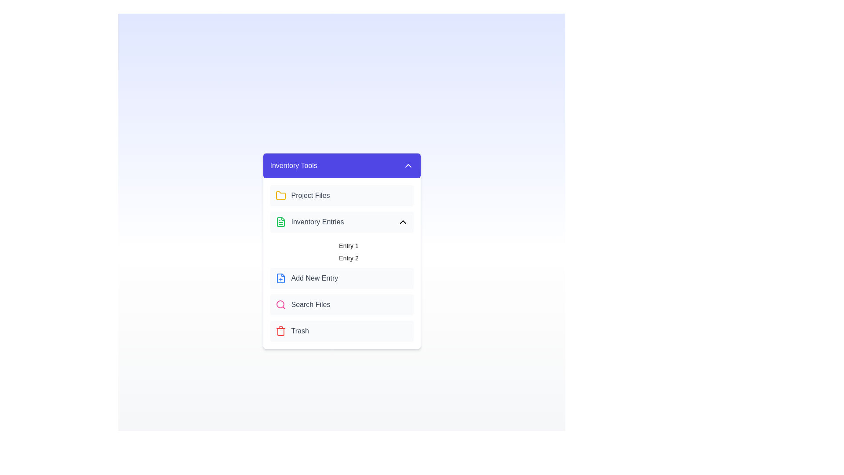 Image resolution: width=844 pixels, height=475 pixels. What do you see at coordinates (280, 222) in the screenshot?
I see `the green-colored miniature file icon that represents document-related content, located to the left of the 'Inventory Entries' label` at bounding box center [280, 222].